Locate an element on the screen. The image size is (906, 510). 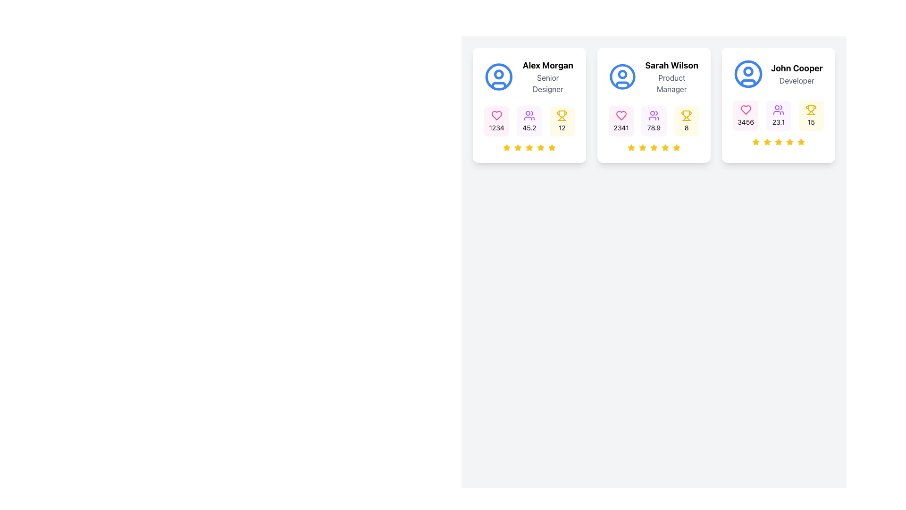
the prominent blue circular outline with a white fill that represents the user avatar in the third user card on the right-hand side of the interface is located at coordinates (747, 74).